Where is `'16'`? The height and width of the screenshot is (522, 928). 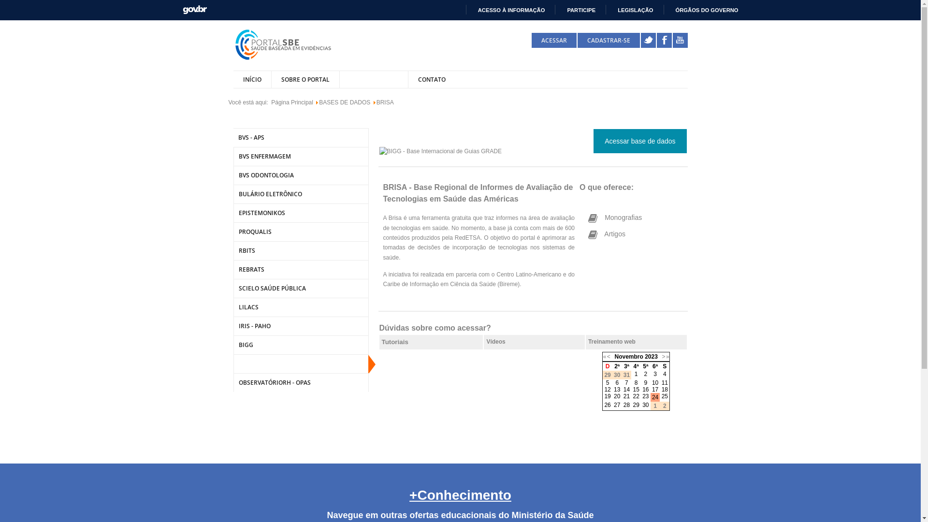 '16' is located at coordinates (645, 389).